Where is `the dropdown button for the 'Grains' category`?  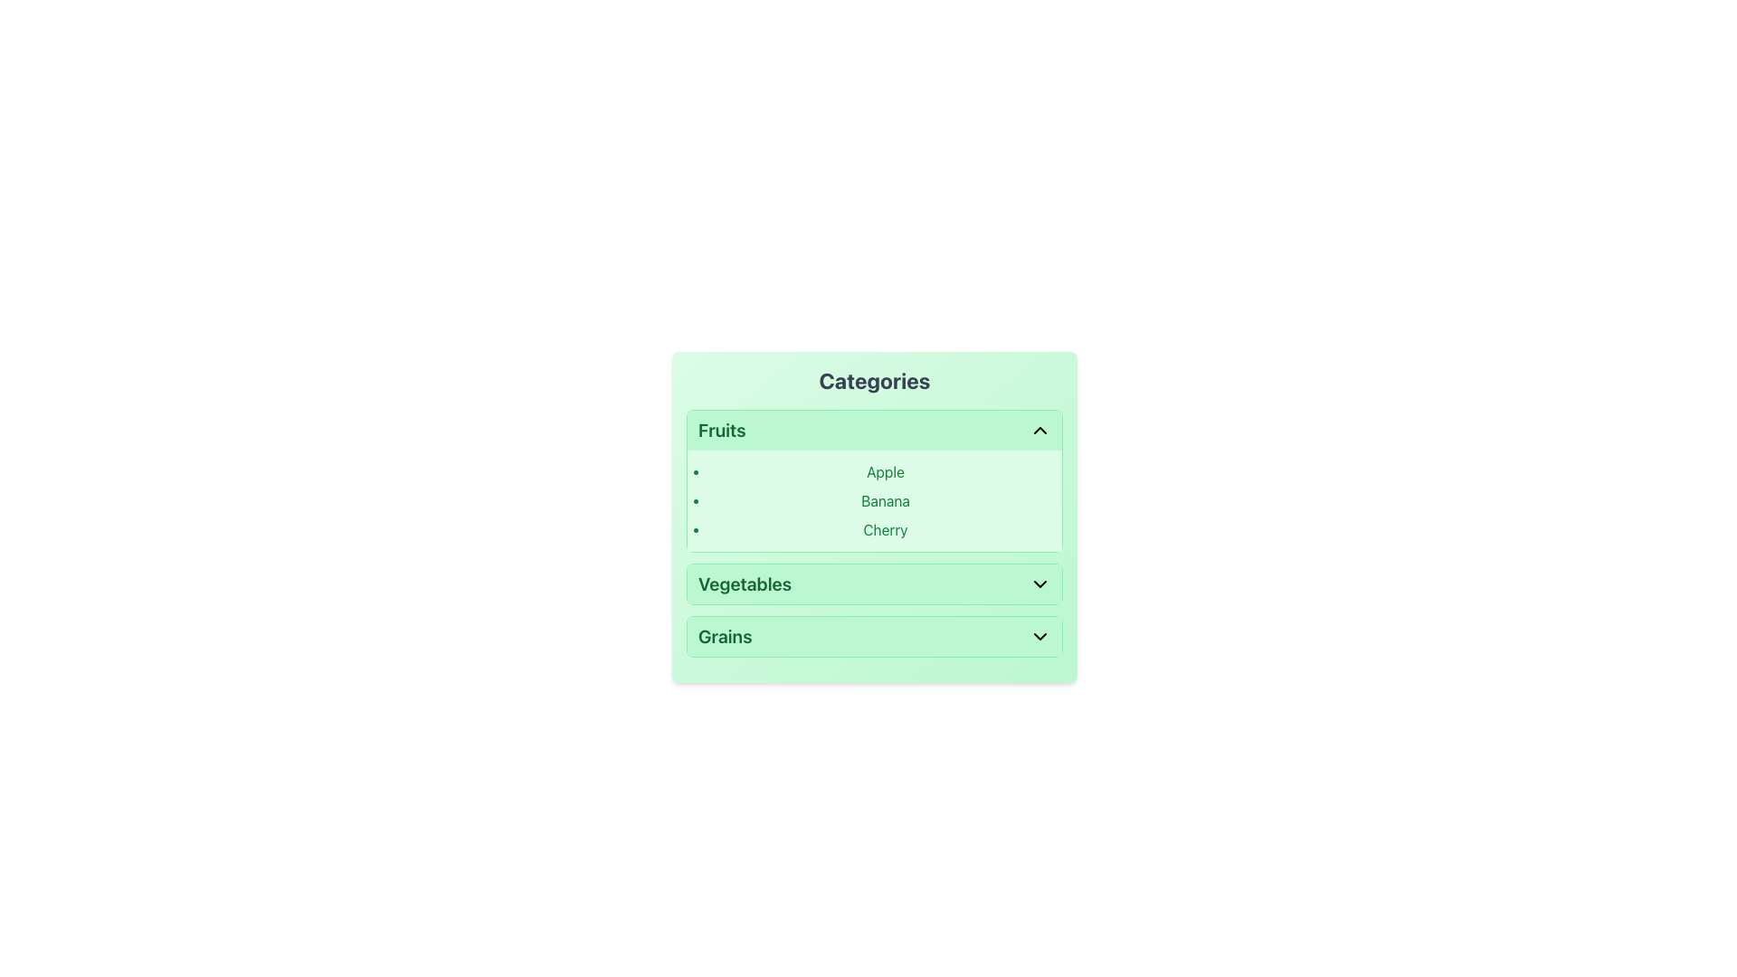
the dropdown button for the 'Grains' category is located at coordinates (874, 636).